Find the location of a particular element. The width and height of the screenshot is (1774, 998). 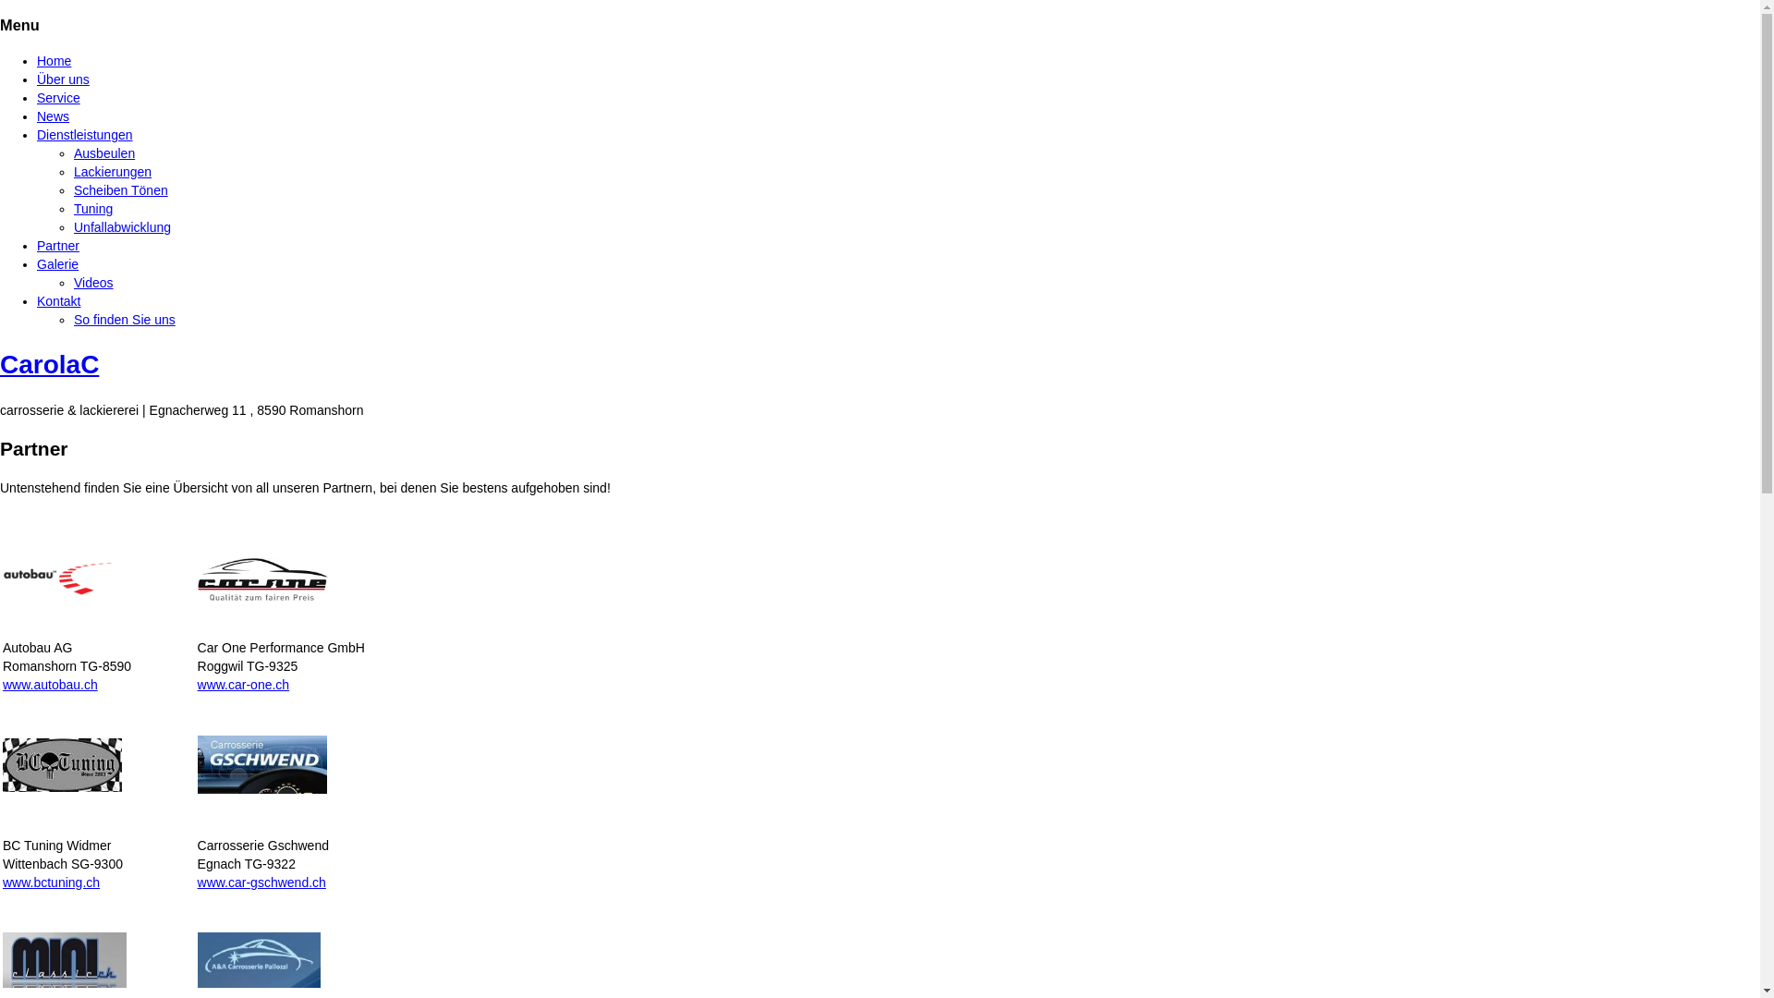

'Unfallabwicklung' is located at coordinates (121, 226).